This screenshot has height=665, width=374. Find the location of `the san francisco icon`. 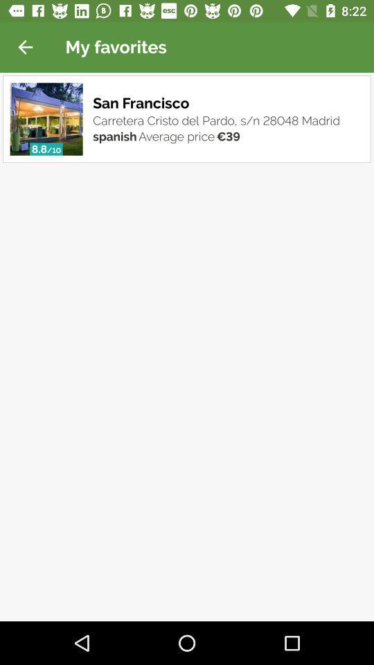

the san francisco icon is located at coordinates (142, 103).